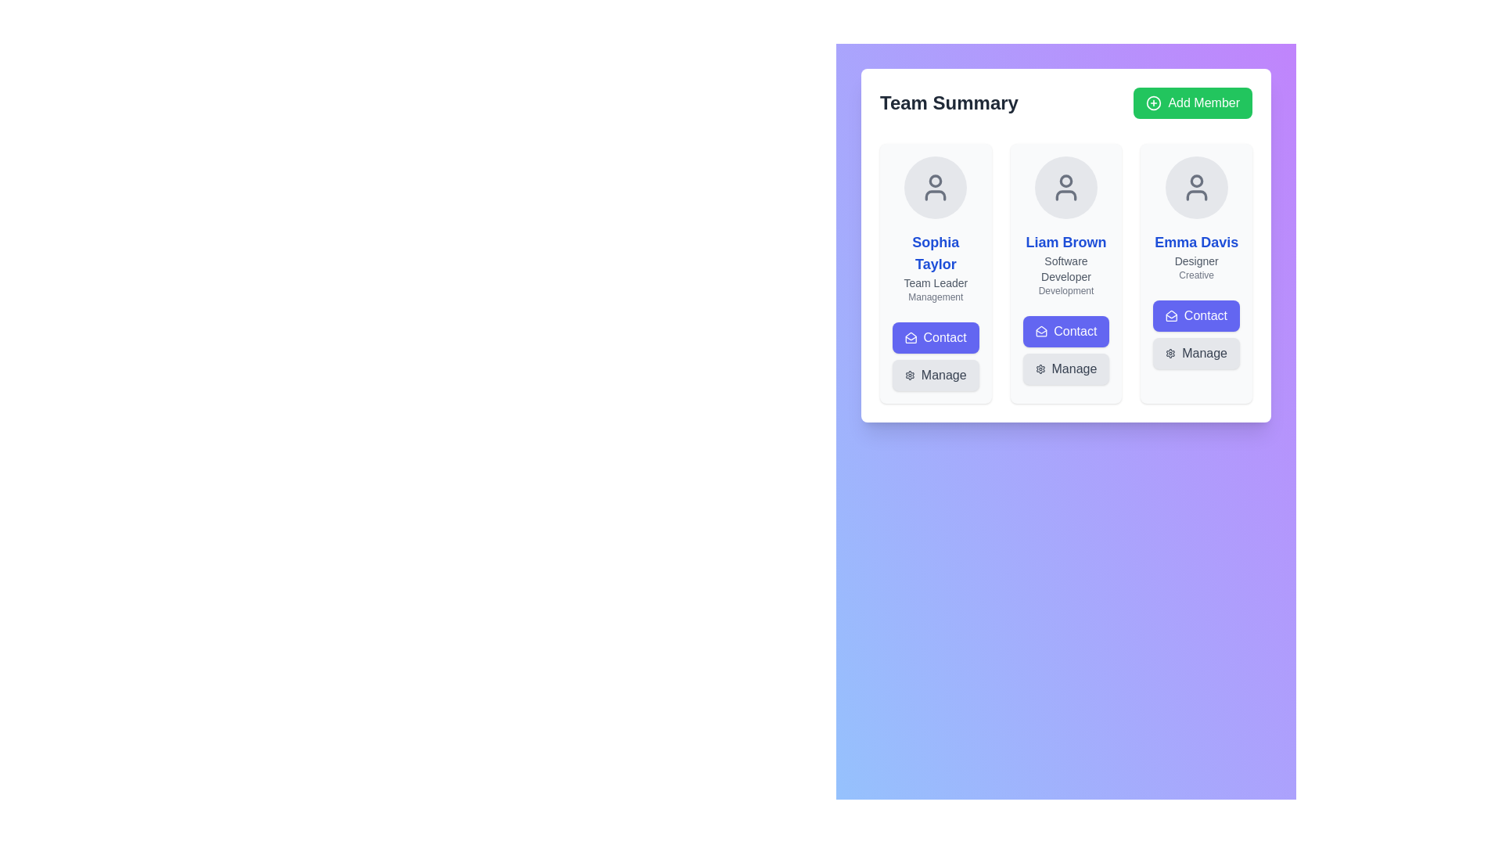 The height and width of the screenshot is (845, 1502). I want to click on the settings management button located directly below the 'Contact' button of the 'Emma Davis' profile card in the 'Team Summary' panel, so click(1195, 353).